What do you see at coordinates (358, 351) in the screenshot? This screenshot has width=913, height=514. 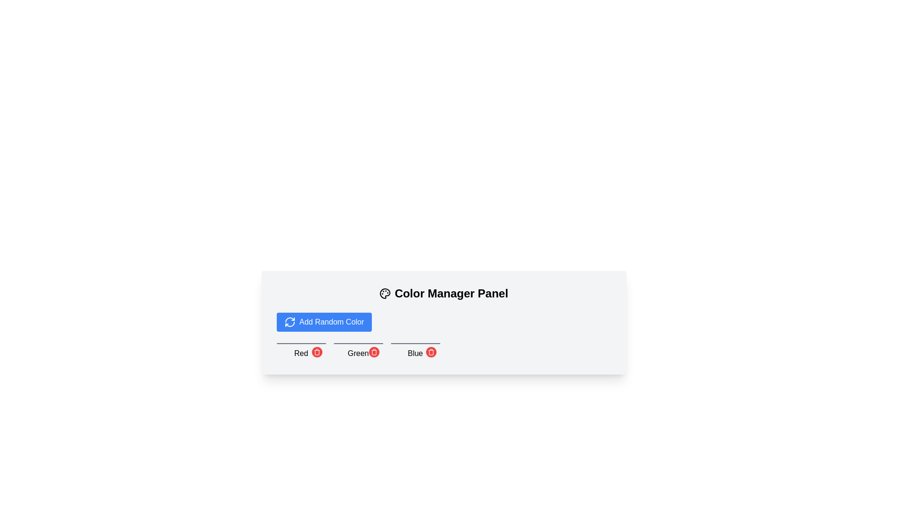 I see `the 'Green' color label in the middle of the horizontally aligned list of color options` at bounding box center [358, 351].